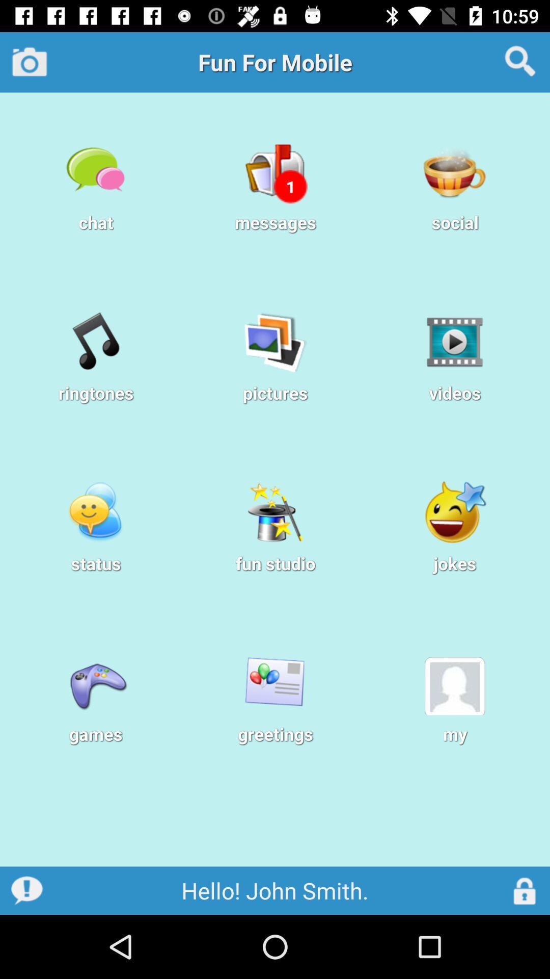 Image resolution: width=550 pixels, height=979 pixels. What do you see at coordinates (275, 342) in the screenshot?
I see `the icon above pictures` at bounding box center [275, 342].